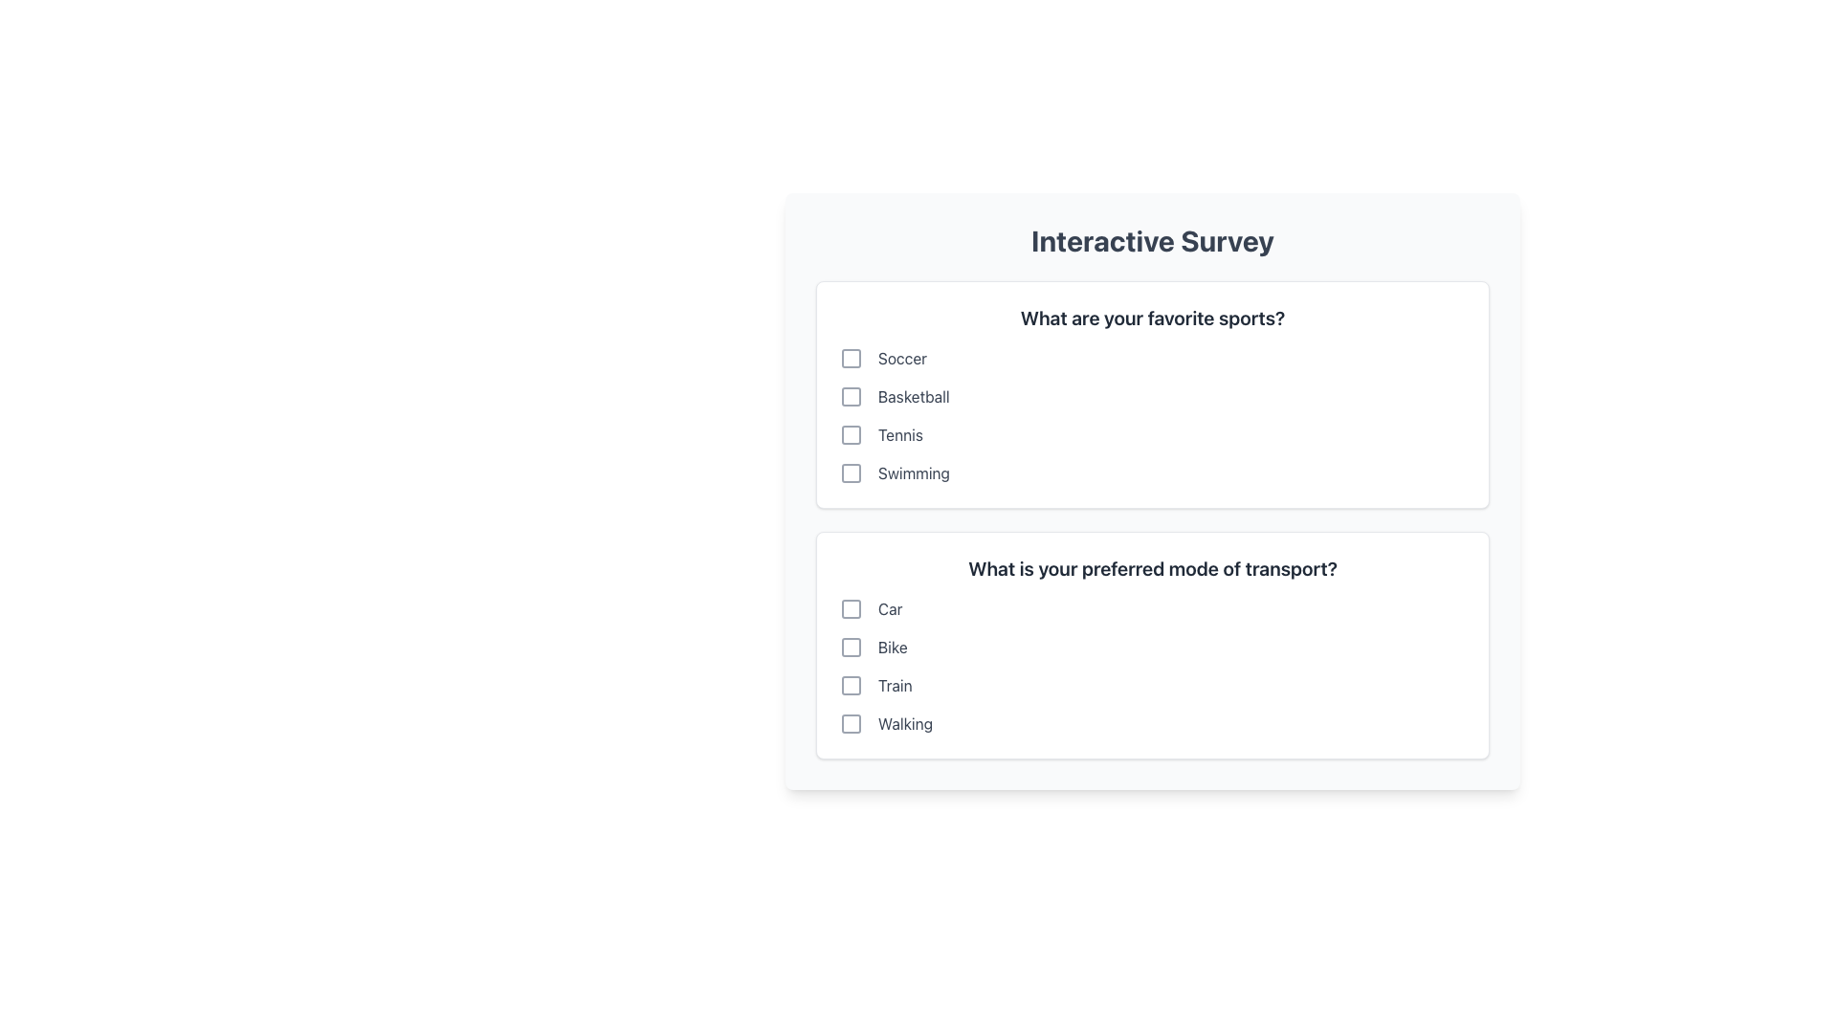 This screenshot has width=1837, height=1033. What do you see at coordinates (1151, 317) in the screenshot?
I see `the Text Label that introduces the topic of the section below it, guiding users to provide information related to their favorite sports` at bounding box center [1151, 317].